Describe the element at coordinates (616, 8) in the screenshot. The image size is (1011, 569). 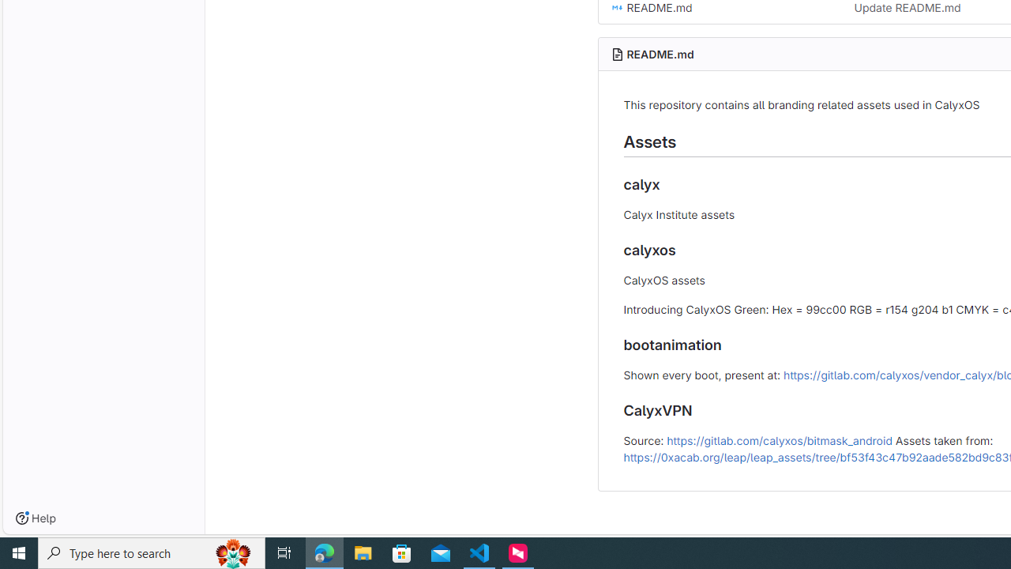
I see `'Class: s16 position-relative file-icon'` at that location.